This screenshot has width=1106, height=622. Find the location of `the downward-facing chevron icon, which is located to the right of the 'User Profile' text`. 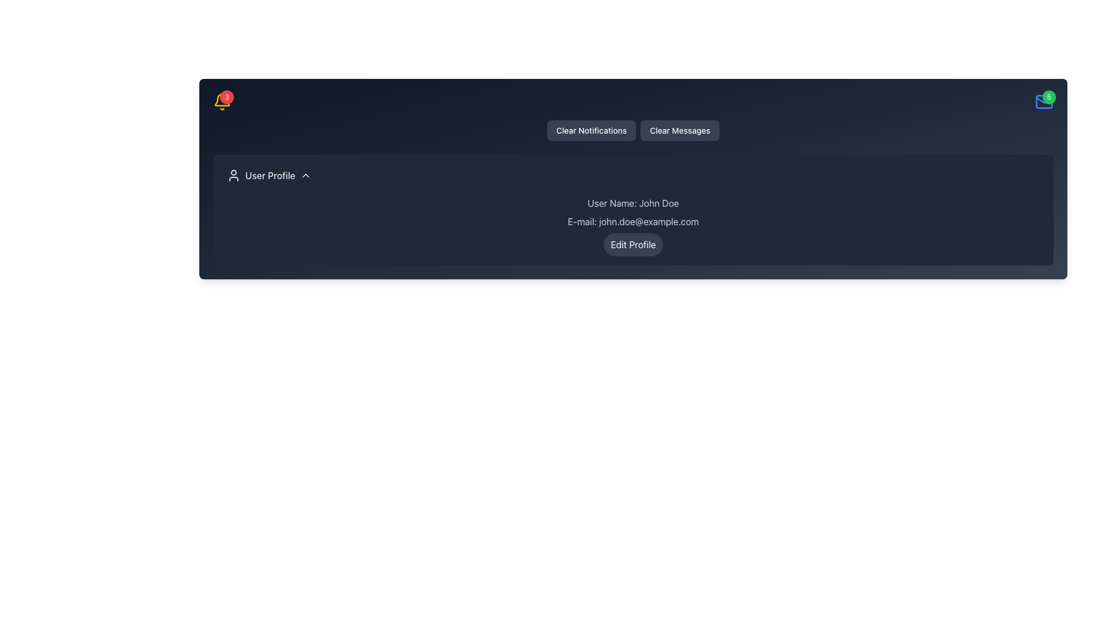

the downward-facing chevron icon, which is located to the right of the 'User Profile' text is located at coordinates (305, 175).